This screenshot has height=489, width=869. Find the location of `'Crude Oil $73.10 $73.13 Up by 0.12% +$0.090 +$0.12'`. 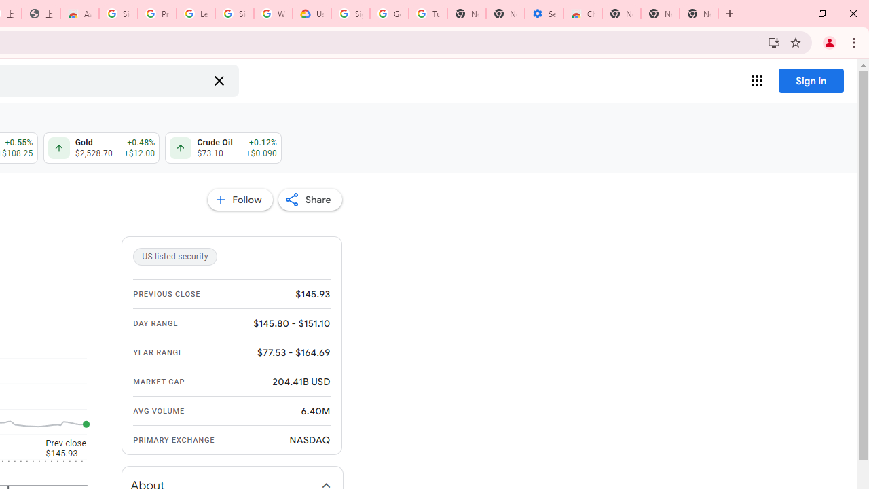

'Crude Oil $73.10 $73.13 Up by 0.12% +$0.090 +$0.12' is located at coordinates (223, 148).